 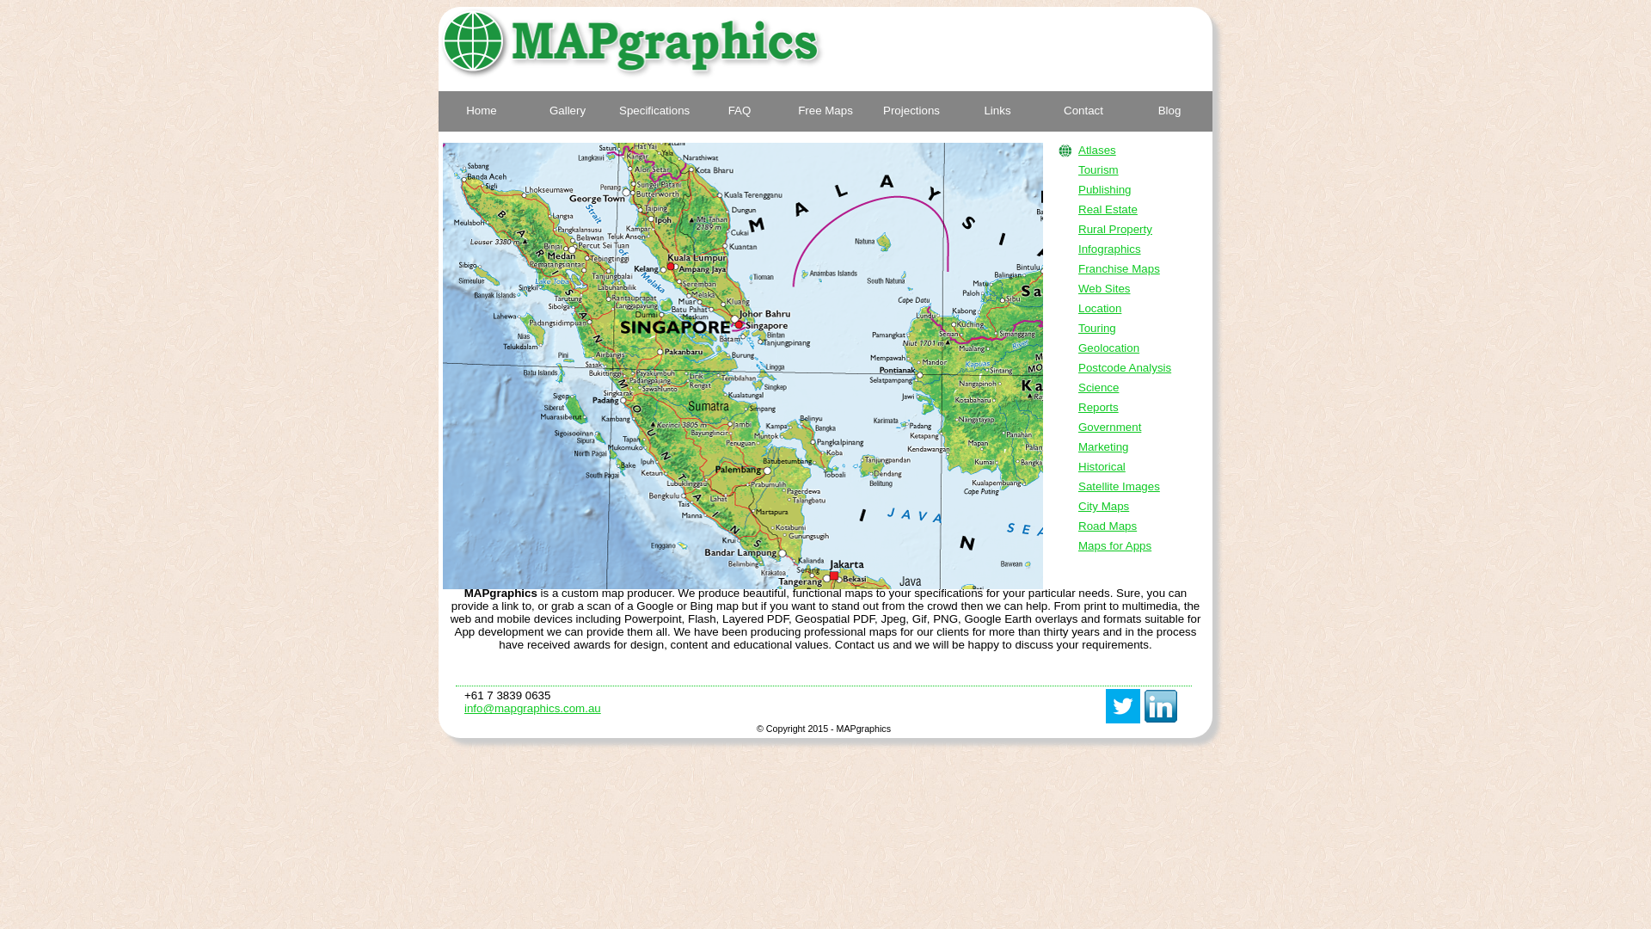 What do you see at coordinates (1097, 387) in the screenshot?
I see `'Science'` at bounding box center [1097, 387].